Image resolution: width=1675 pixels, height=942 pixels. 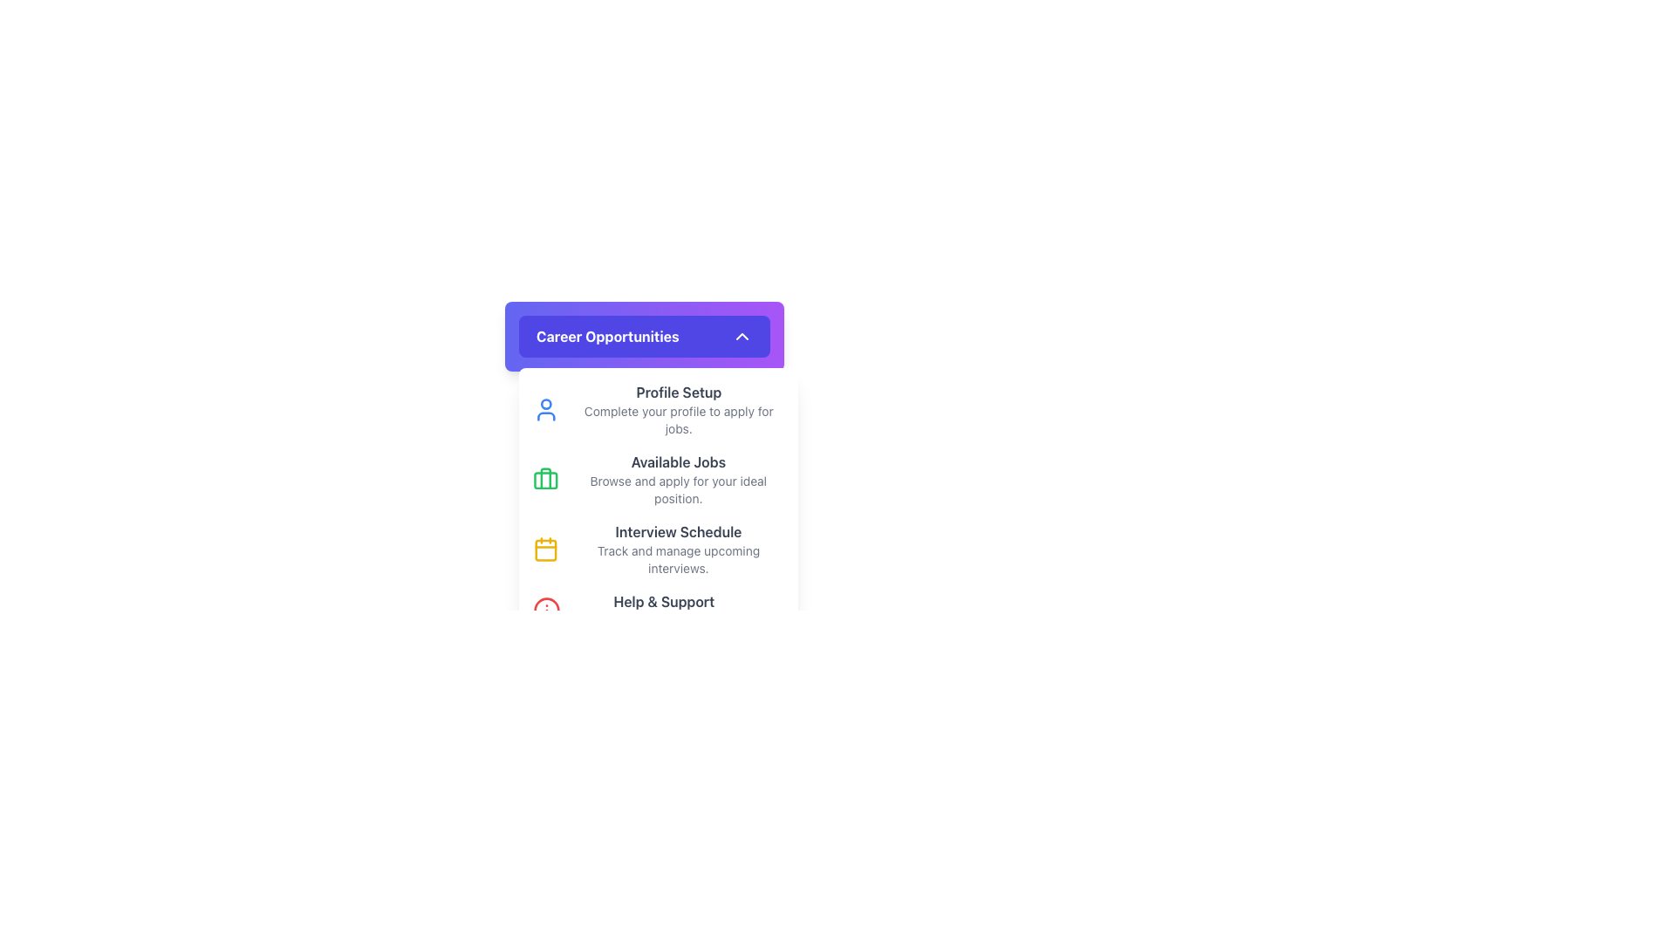 I want to click on the collapsible header button that toggles the visibility of the content below it, revealing hover effects, so click(x=644, y=336).